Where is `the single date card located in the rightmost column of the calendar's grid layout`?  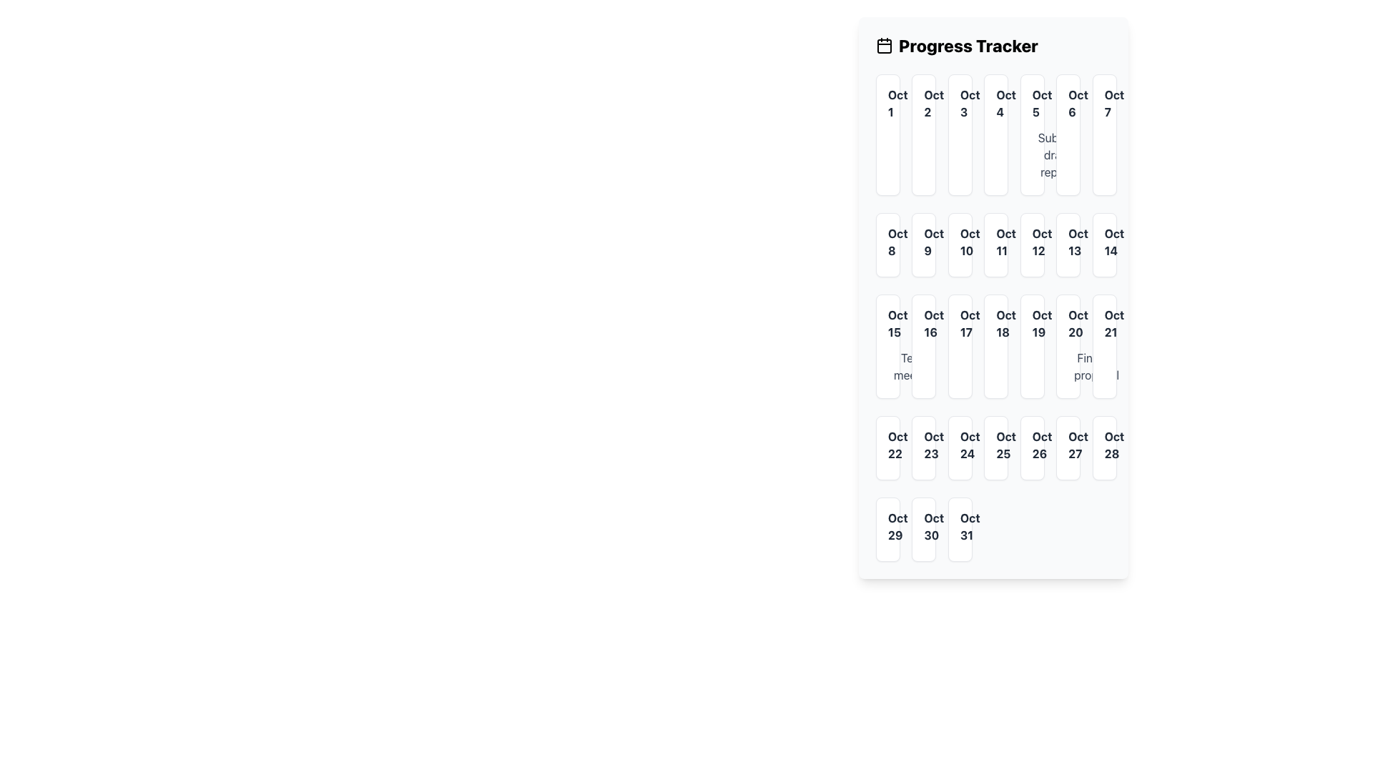 the single date card located in the rightmost column of the calendar's grid layout is located at coordinates (1068, 447).